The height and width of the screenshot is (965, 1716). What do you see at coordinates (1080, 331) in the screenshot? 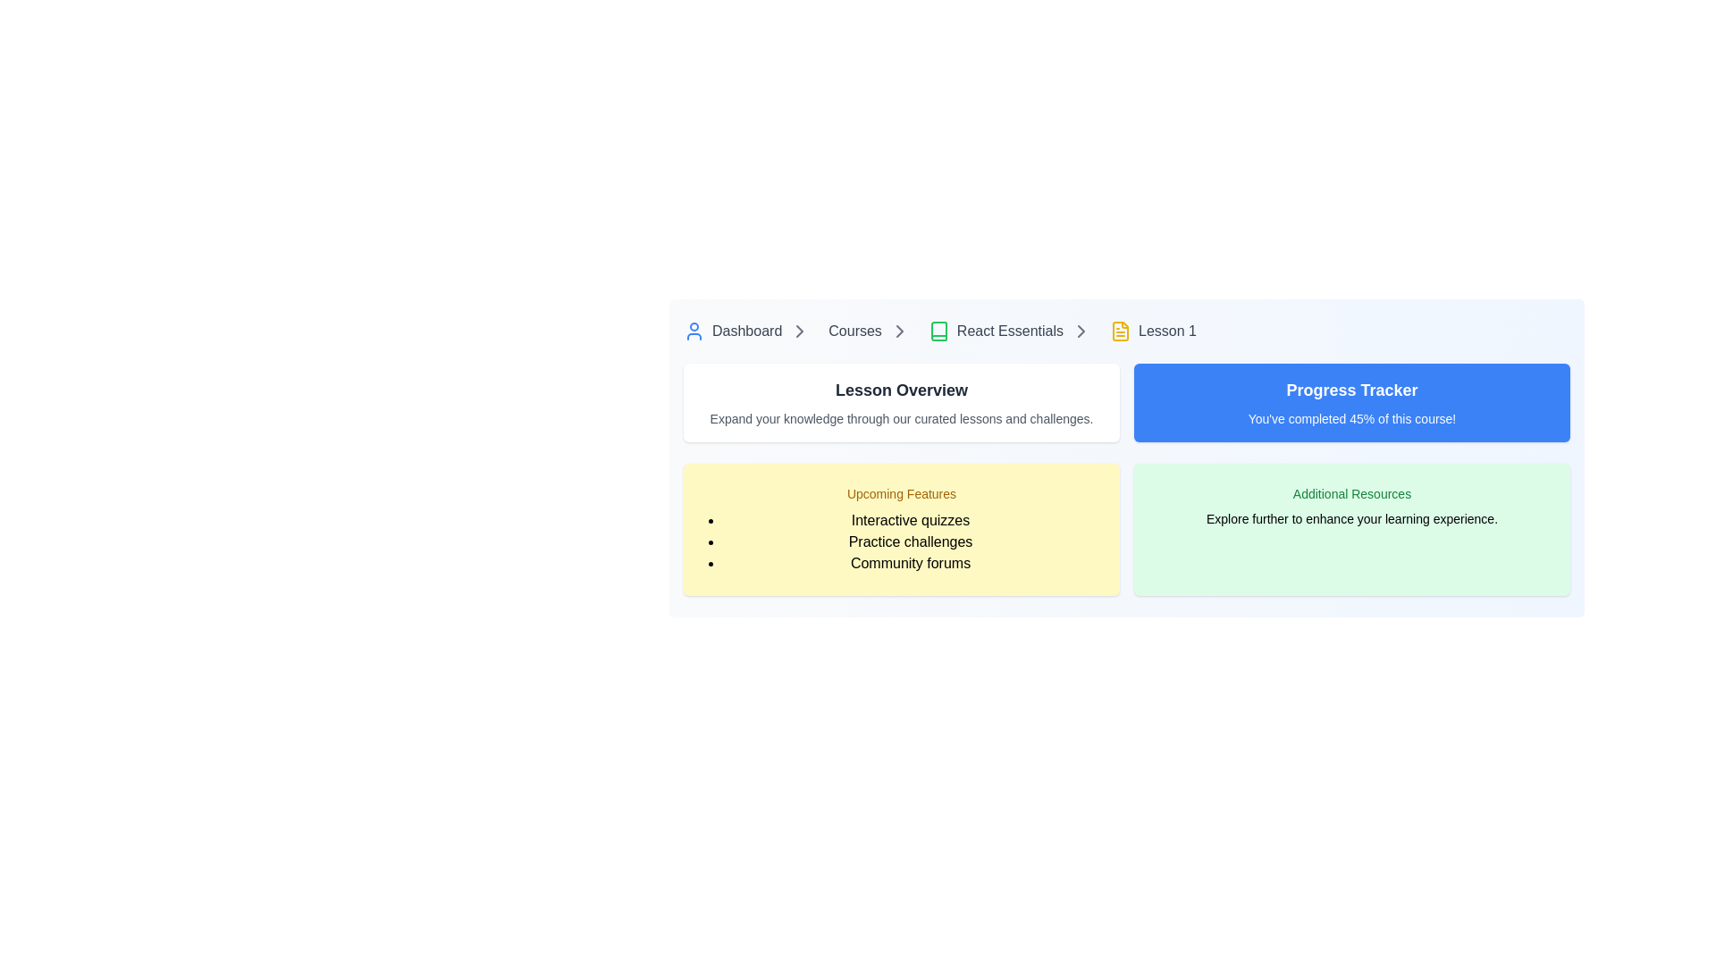
I see `the right-pointing chevron icon within the breadcrumb navigation bar, positioned between 'React Essentials' and 'Lesson 1'` at bounding box center [1080, 331].